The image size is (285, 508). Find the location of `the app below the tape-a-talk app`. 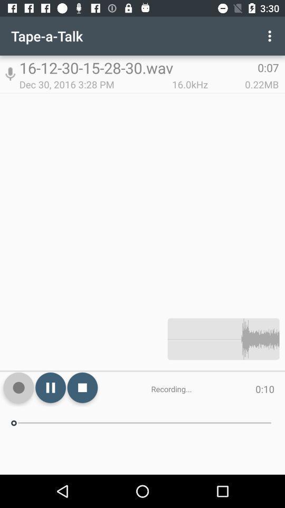

the app below the tape-a-talk app is located at coordinates (9, 74).